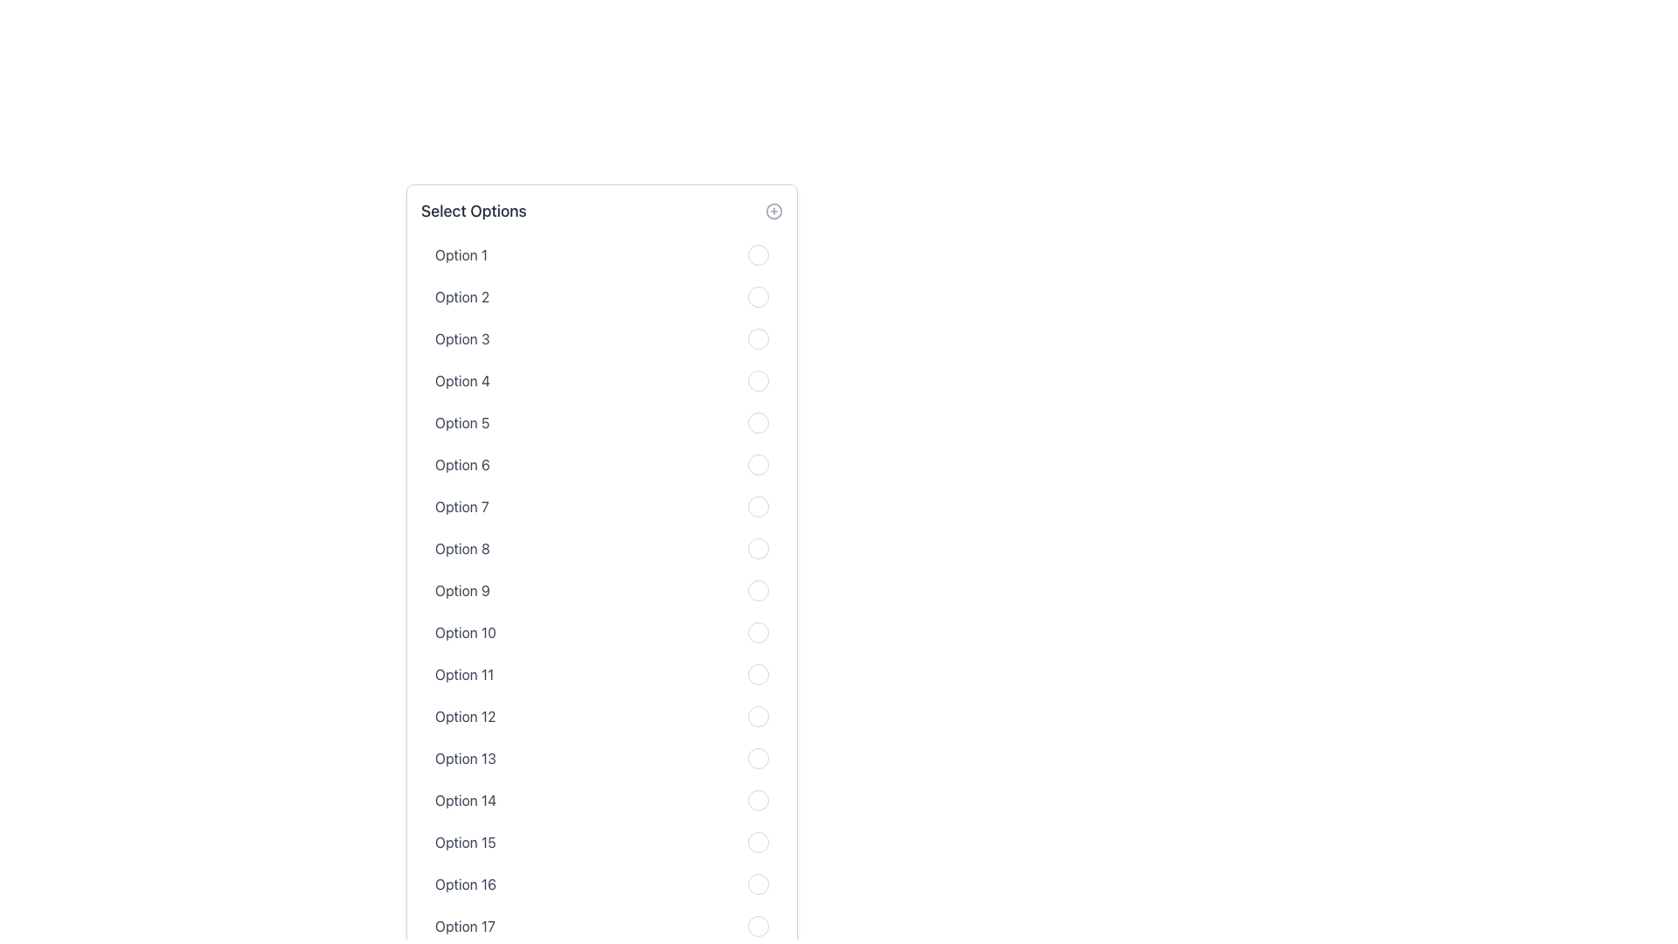 This screenshot has width=1678, height=944. I want to click on contents of the static text label that displays 'Option 2', which is styled as a list item in the selection menu under the header 'Select Options', so click(462, 295).